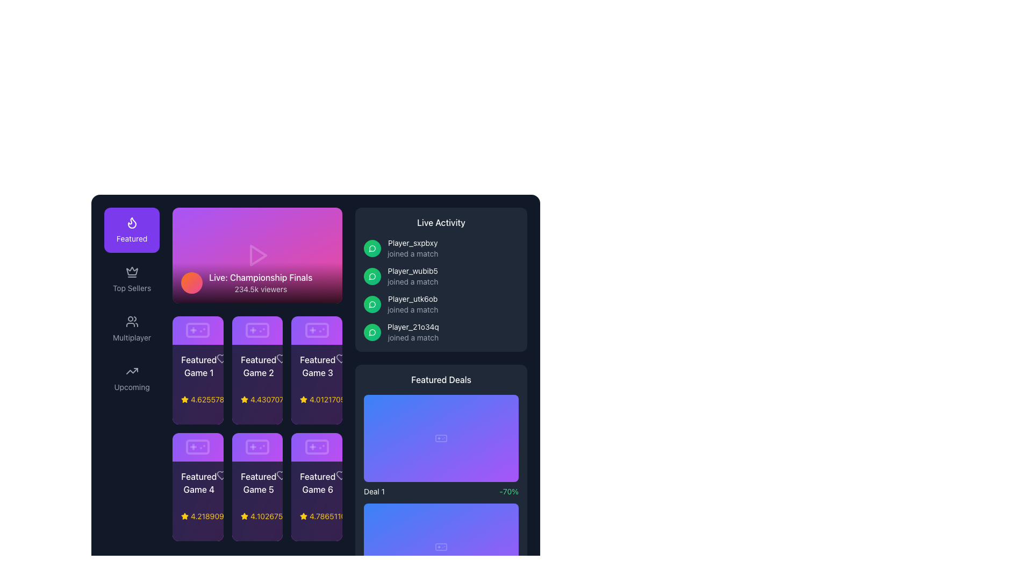  Describe the element at coordinates (441, 547) in the screenshot. I see `the decorative graphical component that resembles the main body of a game controller within the 'Featured Deals' section` at that location.